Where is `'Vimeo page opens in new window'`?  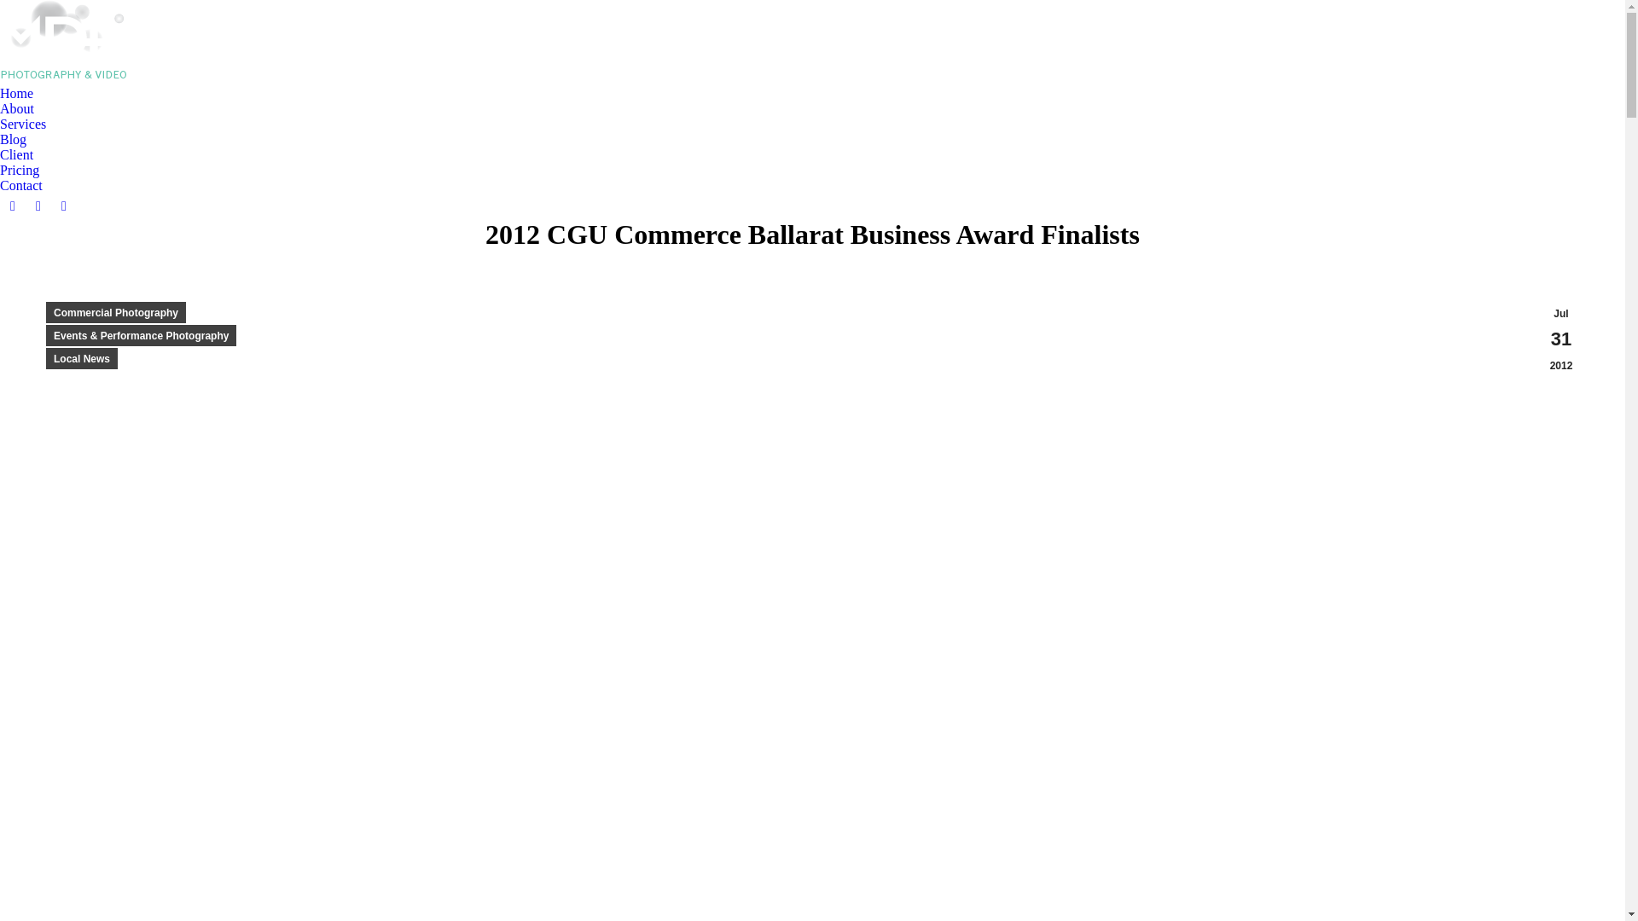 'Vimeo page opens in new window' is located at coordinates (38, 206).